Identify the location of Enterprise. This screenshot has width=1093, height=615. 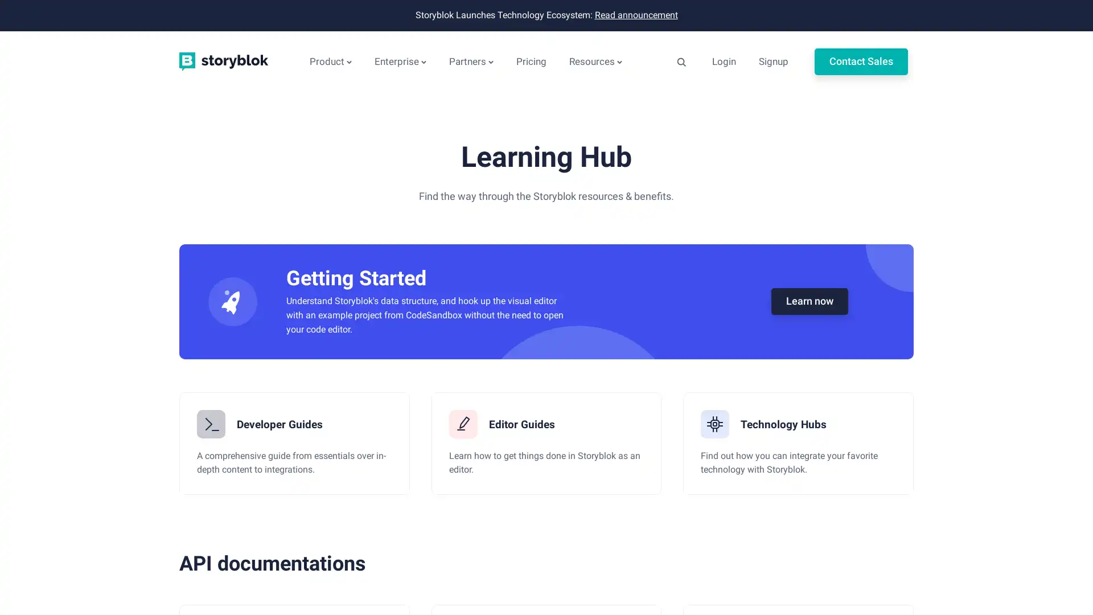
(400, 61).